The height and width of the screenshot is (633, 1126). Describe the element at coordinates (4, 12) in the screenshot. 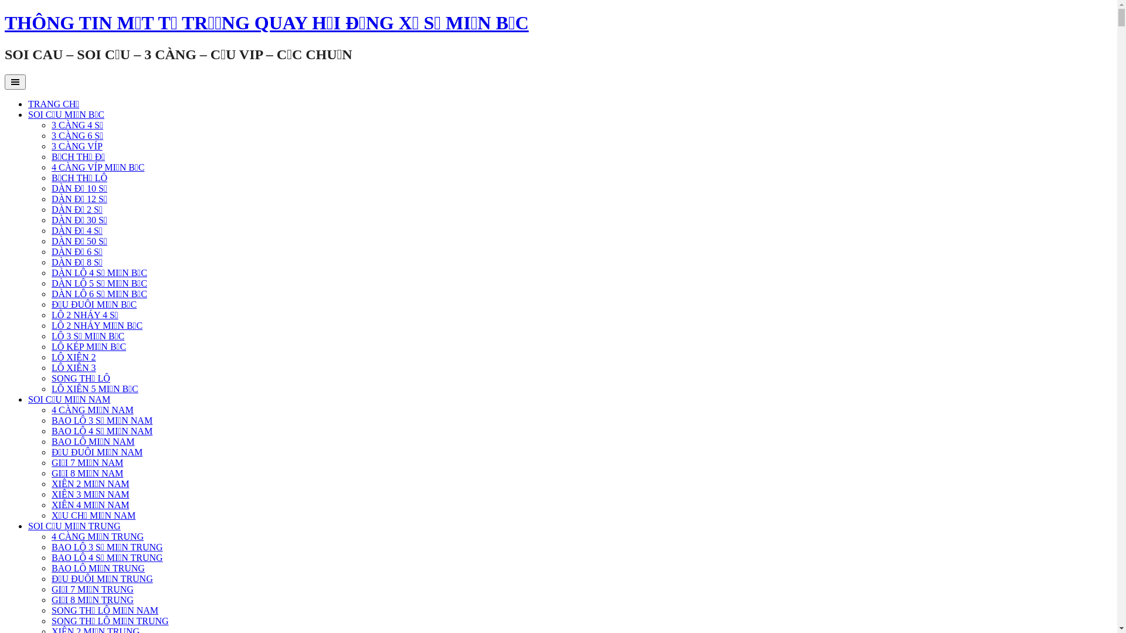

I see `'Skip to content'` at that location.